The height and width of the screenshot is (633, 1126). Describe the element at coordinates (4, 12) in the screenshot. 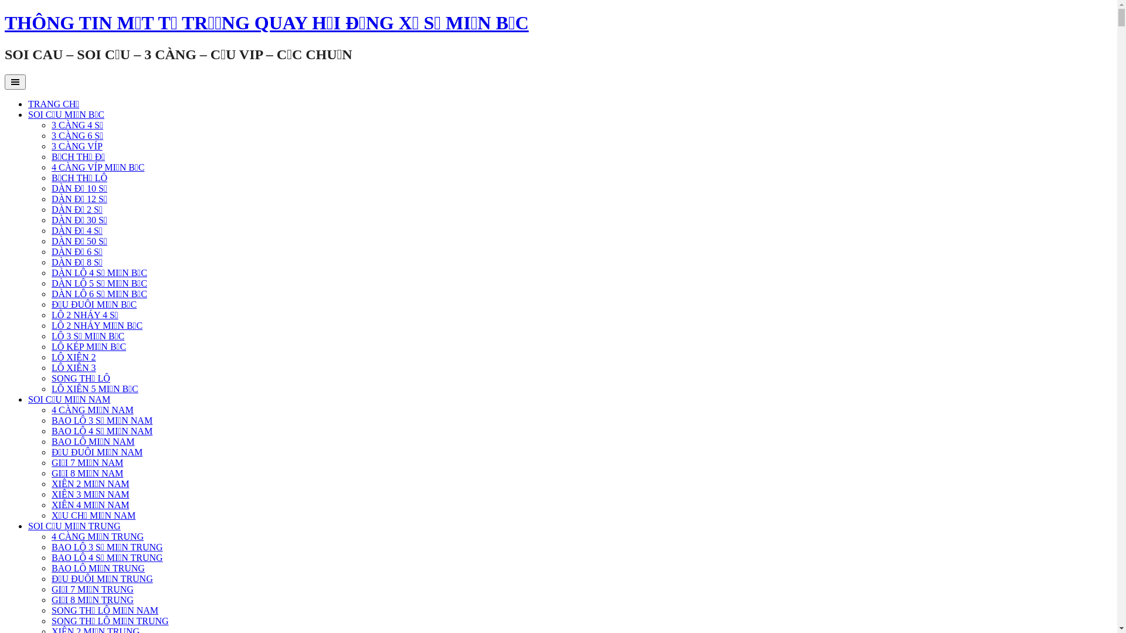

I see `'Skip to content'` at that location.